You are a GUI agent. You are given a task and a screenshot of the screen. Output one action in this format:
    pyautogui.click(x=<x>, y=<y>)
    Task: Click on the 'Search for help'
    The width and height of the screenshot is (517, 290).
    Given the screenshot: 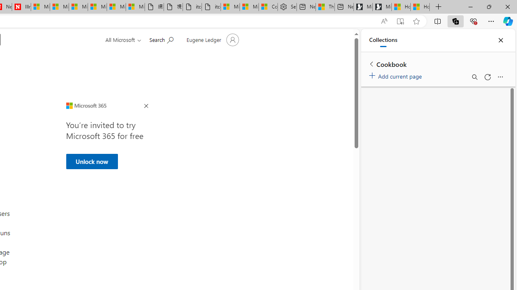 What is the action you would take?
    pyautogui.click(x=161, y=39)
    